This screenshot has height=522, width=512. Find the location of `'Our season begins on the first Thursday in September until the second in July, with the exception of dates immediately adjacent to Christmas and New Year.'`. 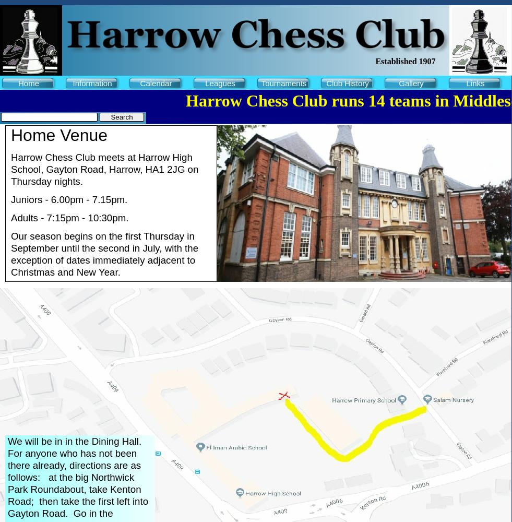

'Our season begins on the first Thursday in September until the second in July, with the exception of dates immediately adjacent to Christmas and New Year.' is located at coordinates (104, 254).